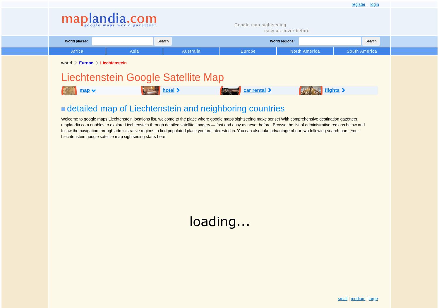  Describe the element at coordinates (337, 298) in the screenshot. I see `'small'` at that location.